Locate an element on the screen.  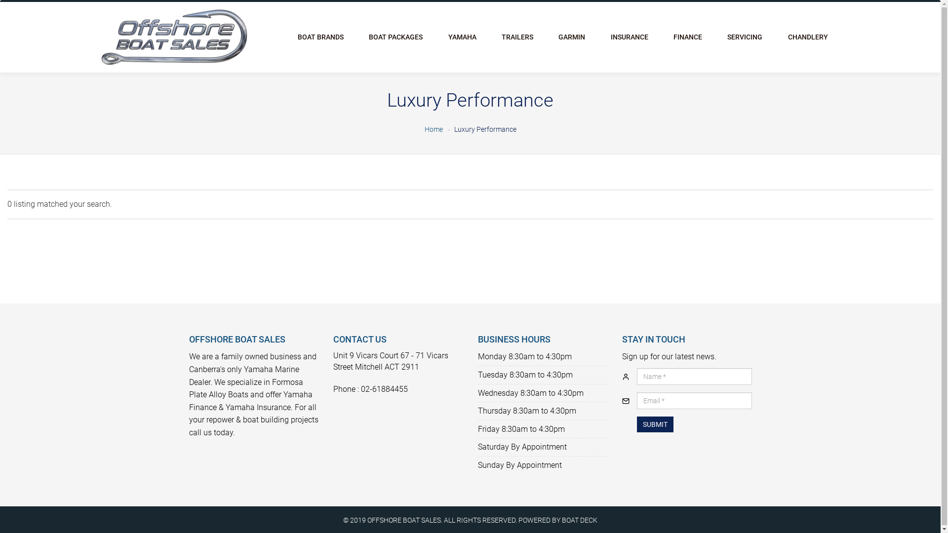
'SERVICING' is located at coordinates (745, 37).